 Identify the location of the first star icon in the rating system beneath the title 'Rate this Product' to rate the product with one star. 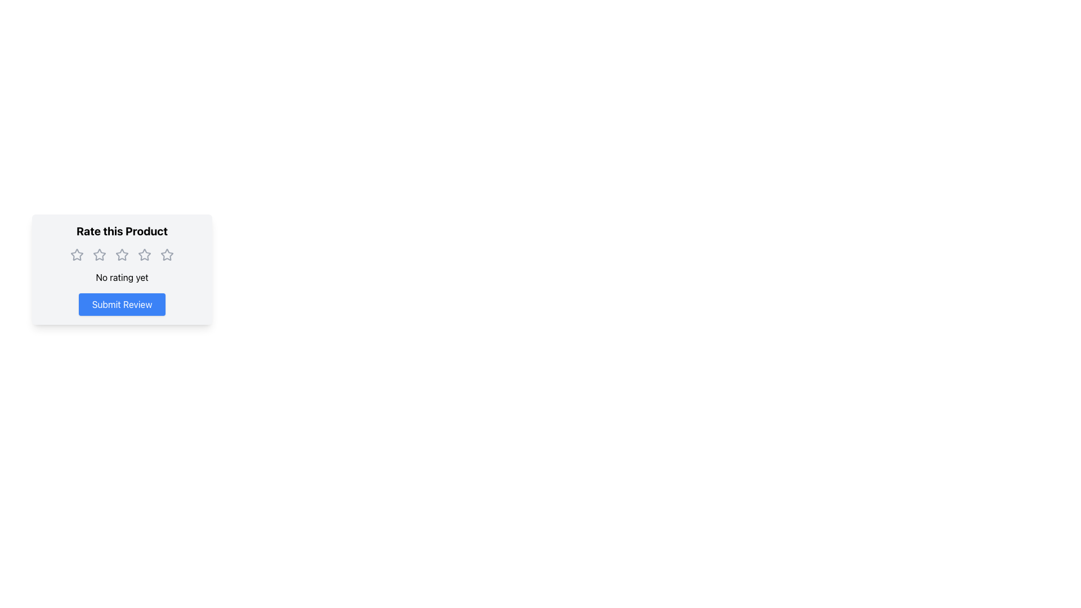
(100, 254).